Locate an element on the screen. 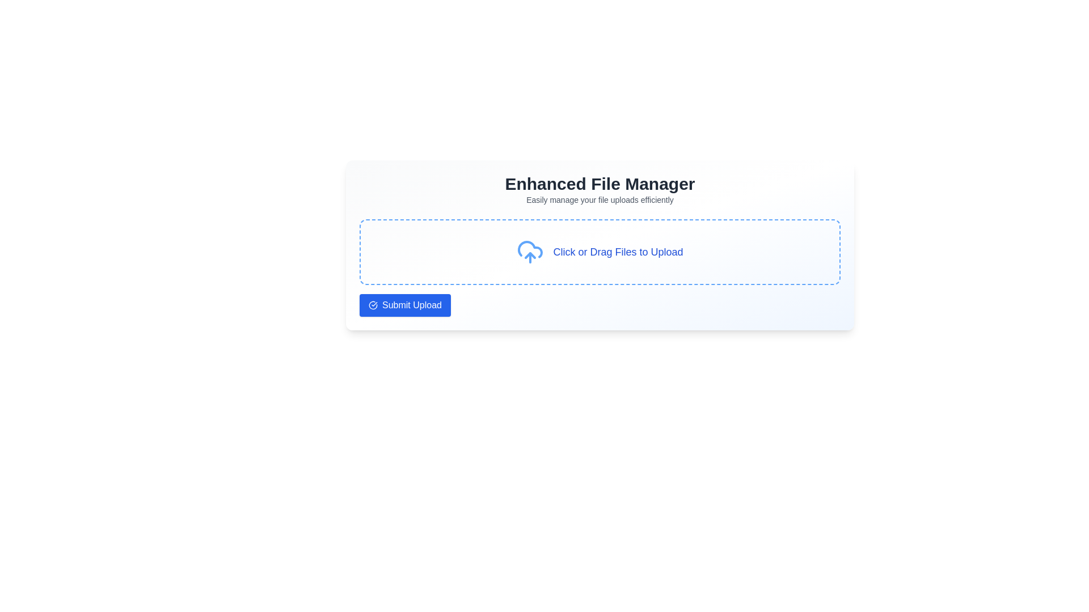 Image resolution: width=1089 pixels, height=612 pixels. the file upload area located centrally beneath the title 'Enhanced File Manager' is located at coordinates (599, 251).